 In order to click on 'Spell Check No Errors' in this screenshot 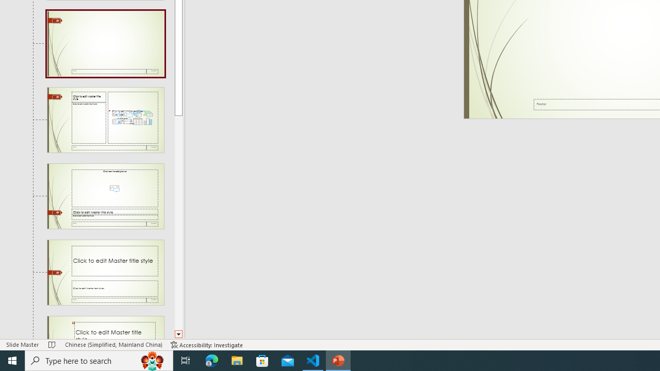, I will do `click(52, 345)`.